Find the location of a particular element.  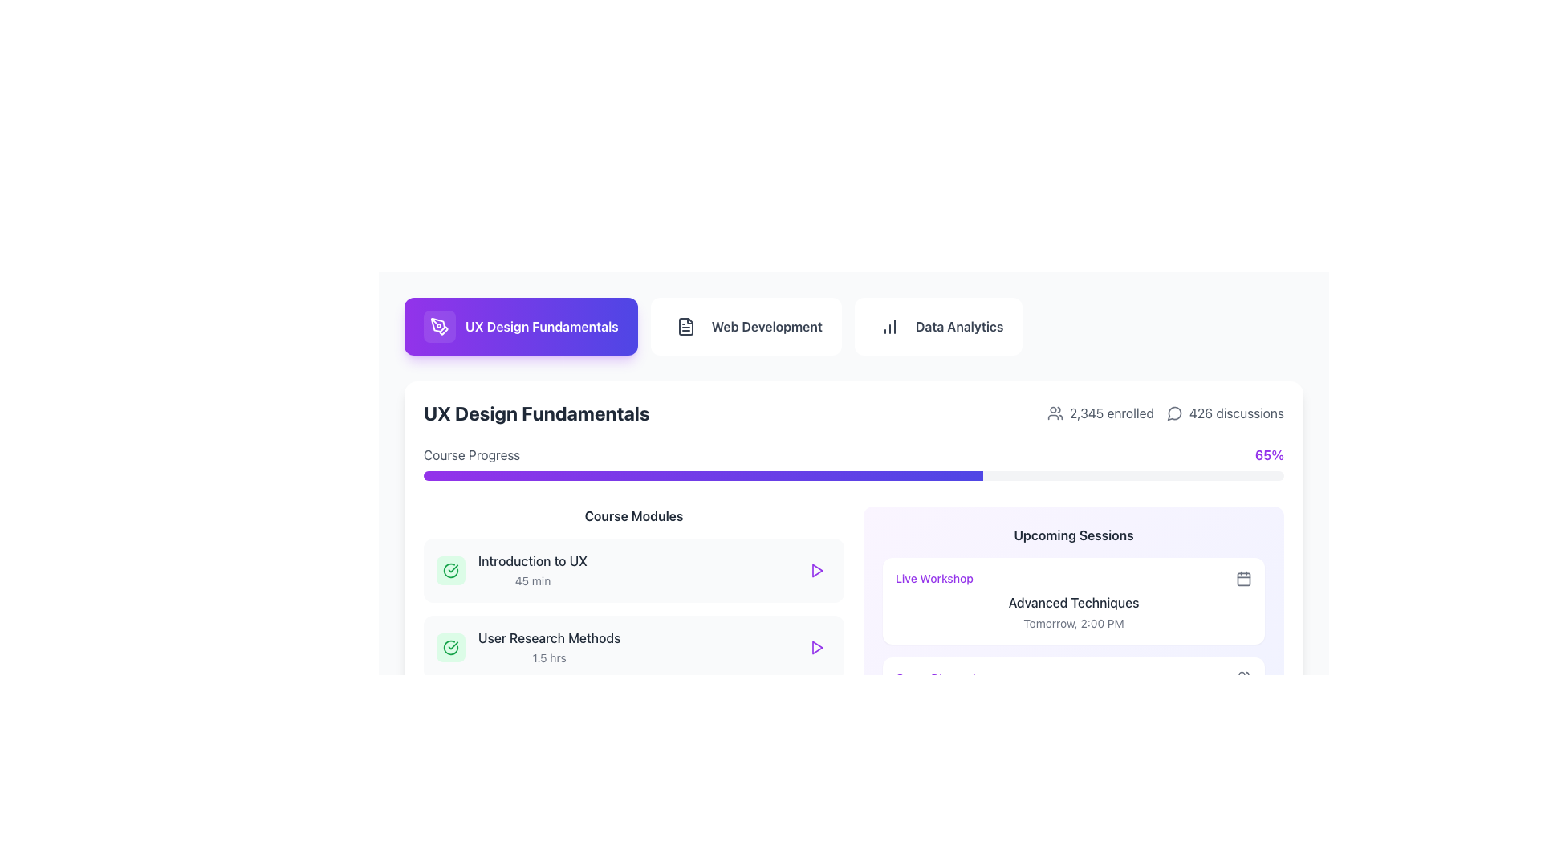

the text label 'Course Progress' displayed in muted gray color, located in the top-left corner of a horizontal section detailing course progress is located at coordinates (471, 455).